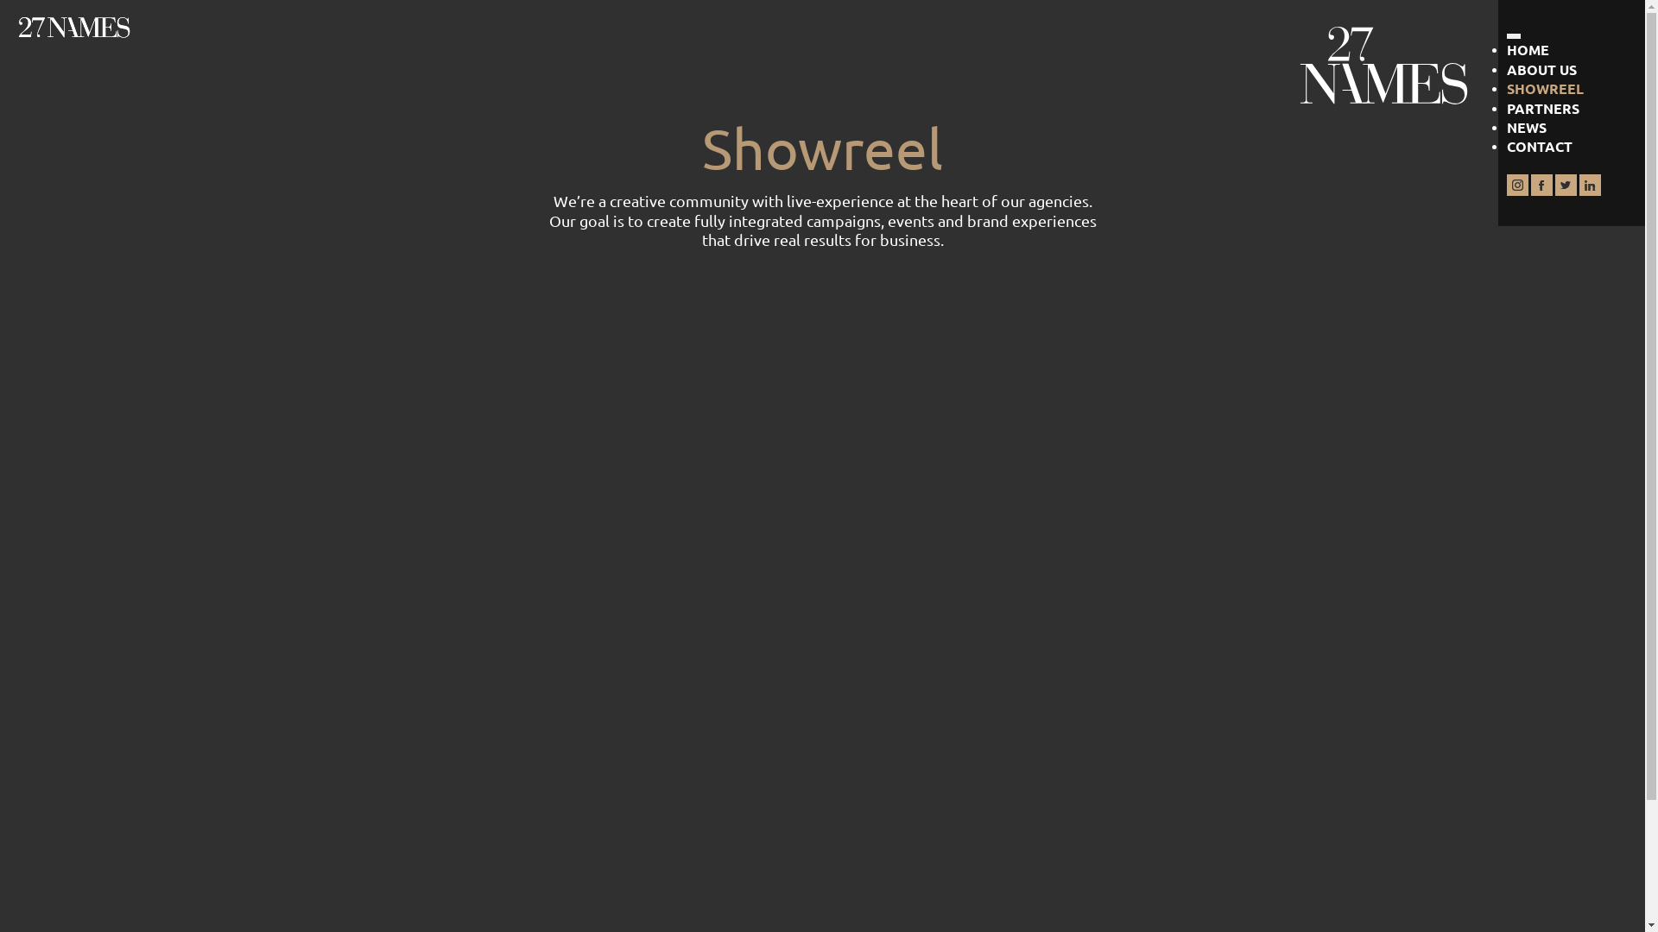 The height and width of the screenshot is (932, 1658). What do you see at coordinates (1506, 108) in the screenshot?
I see `'PARTNERS'` at bounding box center [1506, 108].